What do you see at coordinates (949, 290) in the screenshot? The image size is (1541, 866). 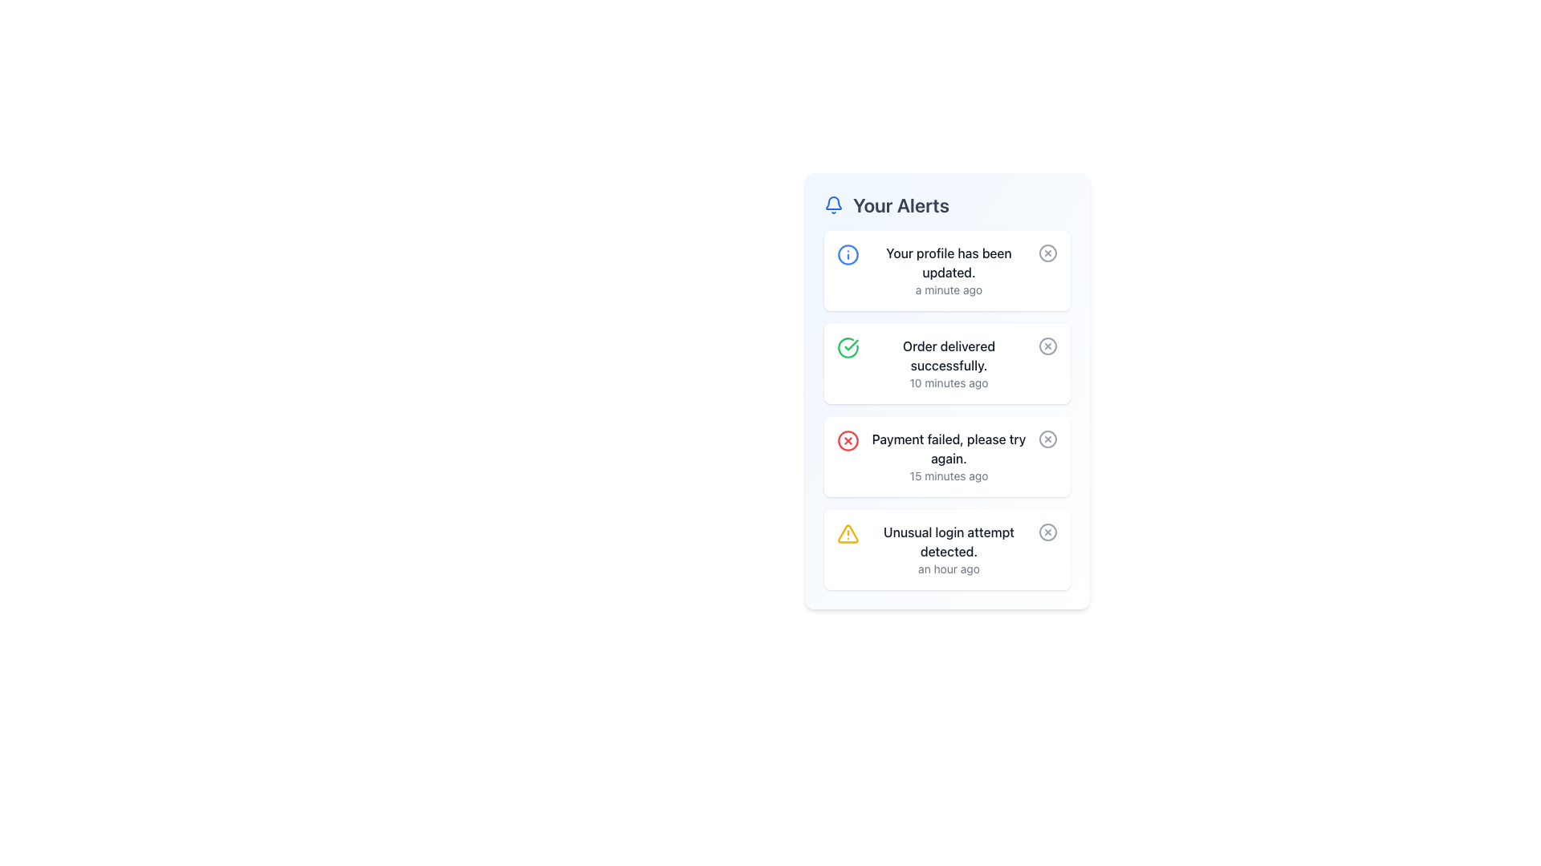 I see `the timestamp text label that indicates the recency of the associated notification 'Your profile has been updated.' located below the notification text in the first card of the 'Your Alerts' sidebar` at bounding box center [949, 290].